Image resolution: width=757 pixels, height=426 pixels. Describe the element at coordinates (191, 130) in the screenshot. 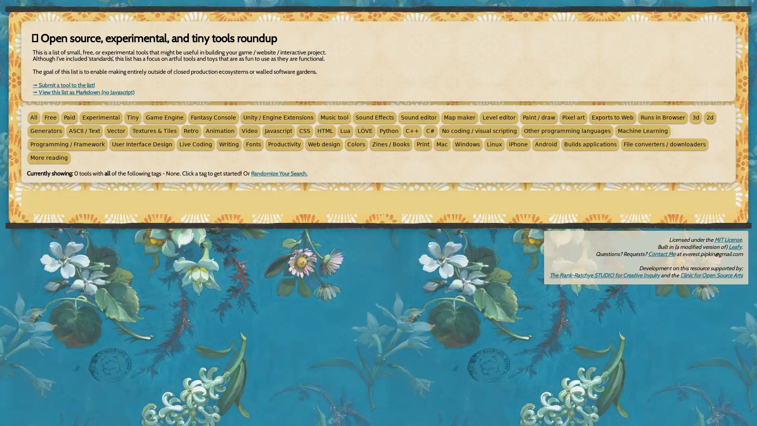

I see `Retro` at that location.